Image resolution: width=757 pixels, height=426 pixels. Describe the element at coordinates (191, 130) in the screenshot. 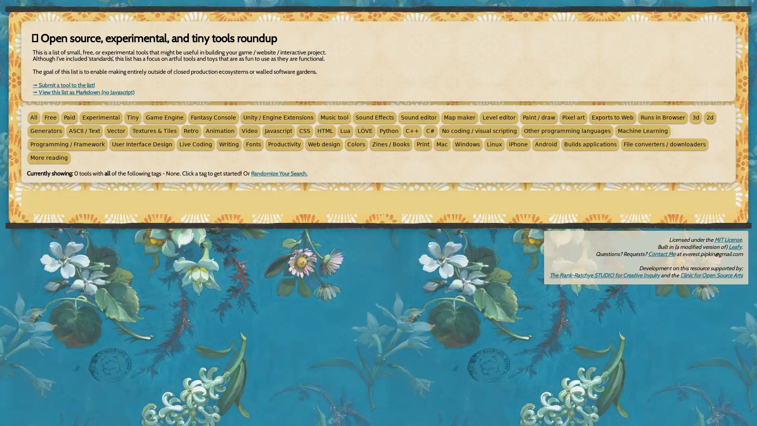

I see `Retro` at that location.